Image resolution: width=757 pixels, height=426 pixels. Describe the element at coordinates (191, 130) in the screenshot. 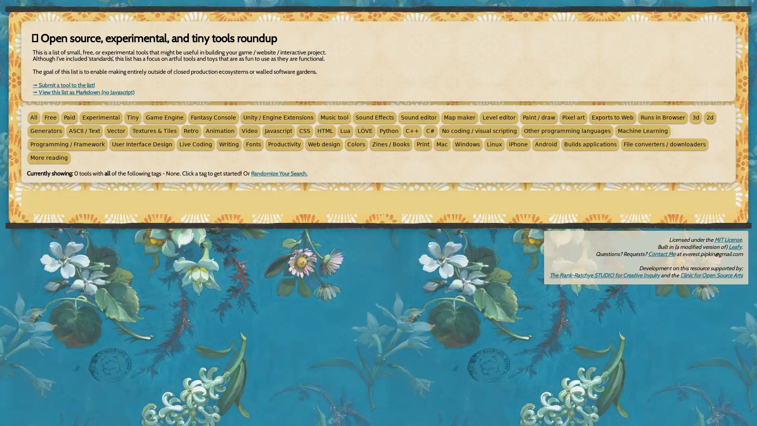

I see `Retro` at that location.